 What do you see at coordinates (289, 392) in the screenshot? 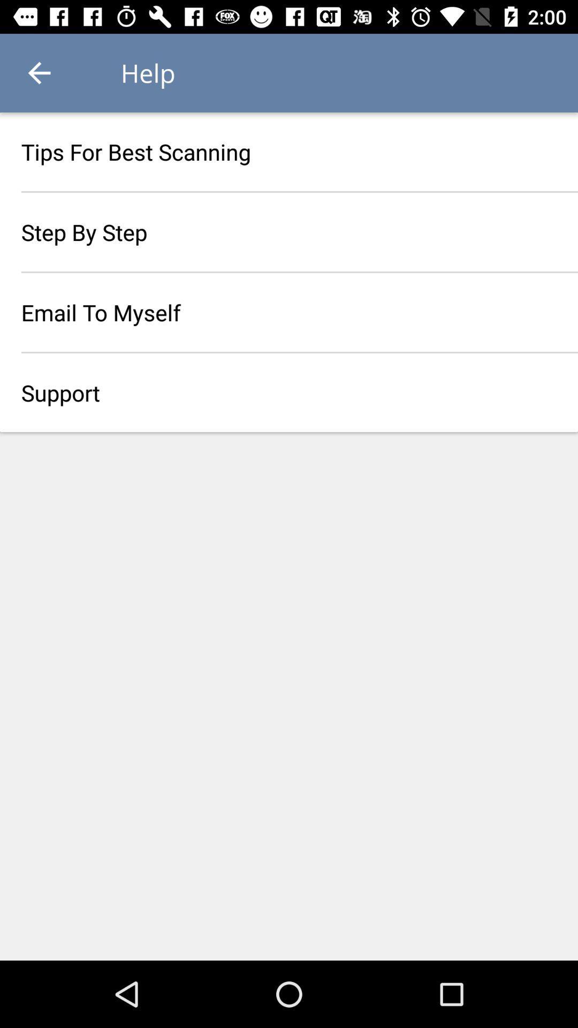
I see `the icon below the email to myself item` at bounding box center [289, 392].